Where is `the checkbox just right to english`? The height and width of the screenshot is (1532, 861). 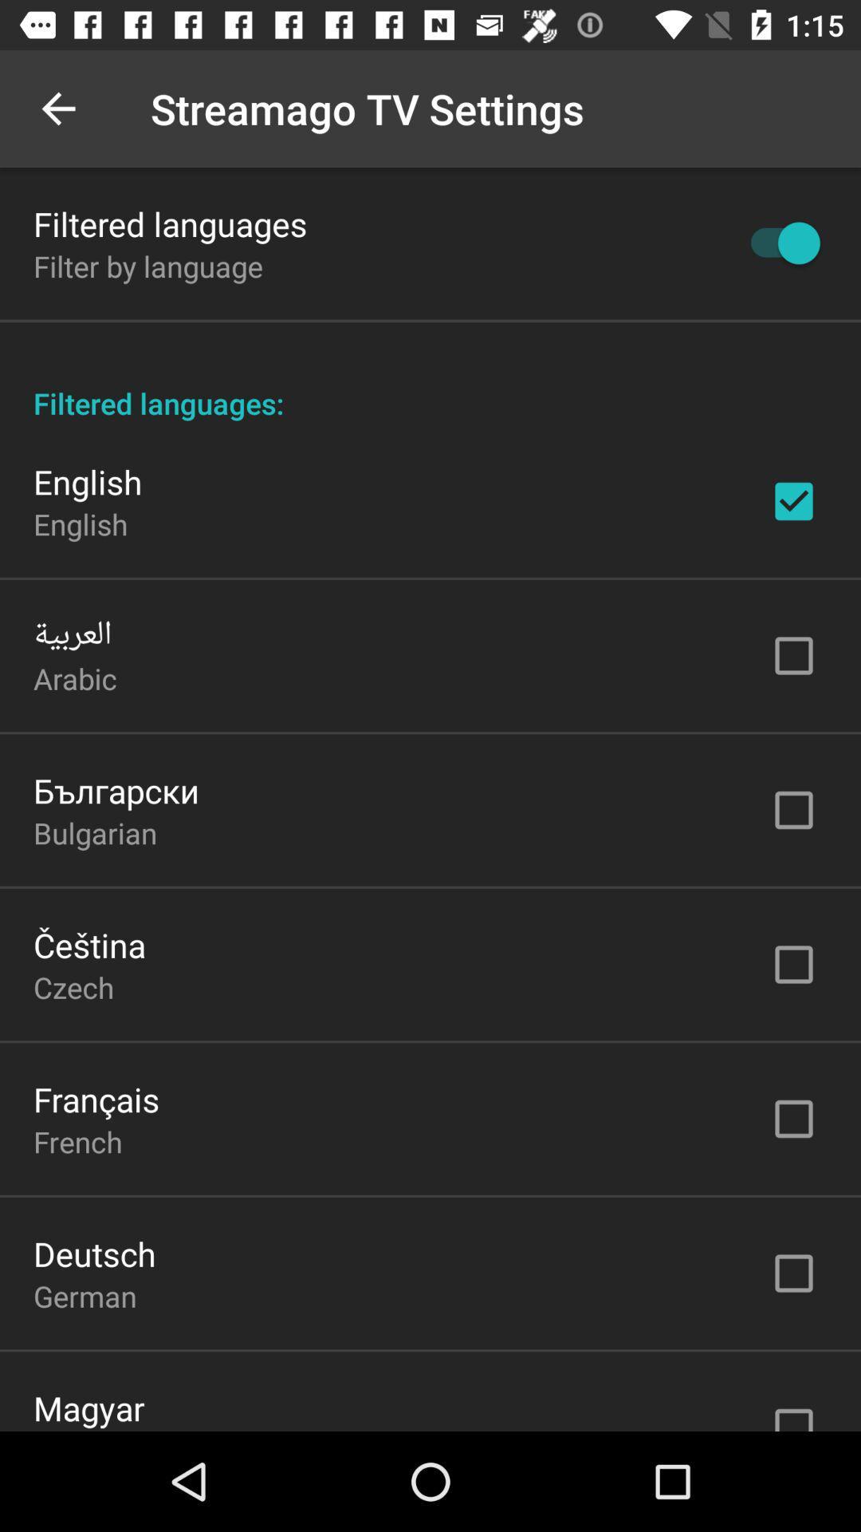
the checkbox just right to english is located at coordinates (793, 500).